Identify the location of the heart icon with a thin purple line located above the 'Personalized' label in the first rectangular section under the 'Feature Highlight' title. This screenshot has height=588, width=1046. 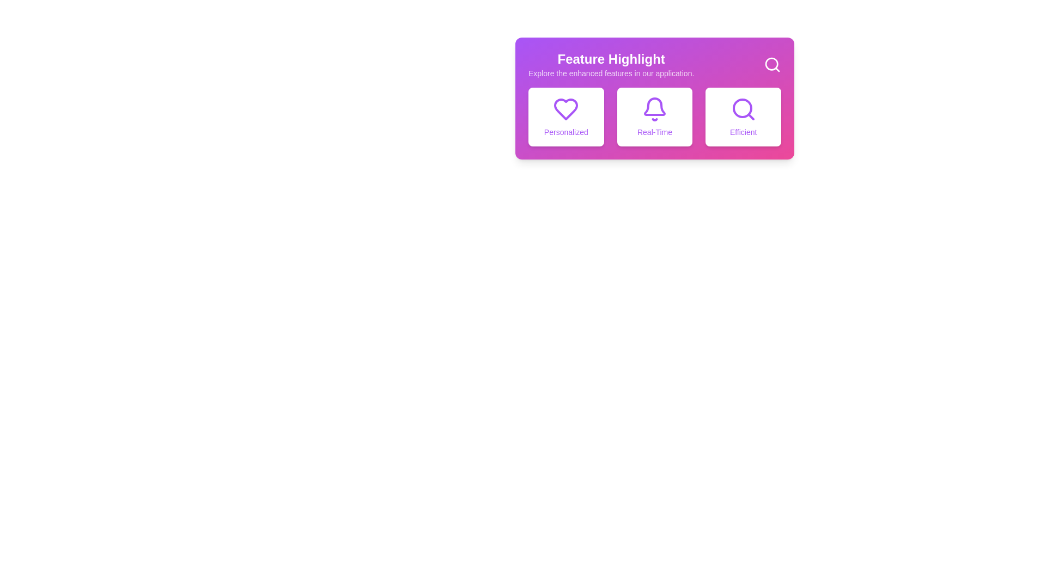
(566, 109).